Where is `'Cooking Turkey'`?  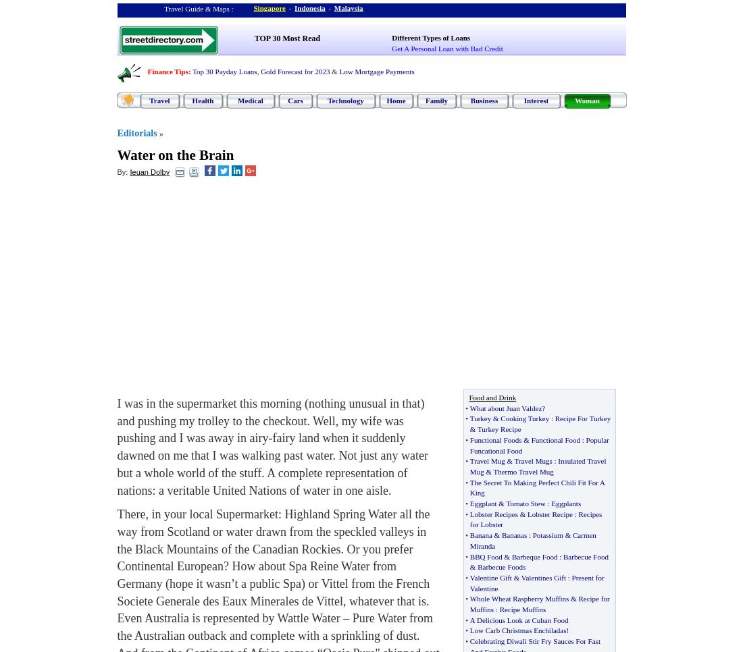 'Cooking Turkey' is located at coordinates (525, 418).